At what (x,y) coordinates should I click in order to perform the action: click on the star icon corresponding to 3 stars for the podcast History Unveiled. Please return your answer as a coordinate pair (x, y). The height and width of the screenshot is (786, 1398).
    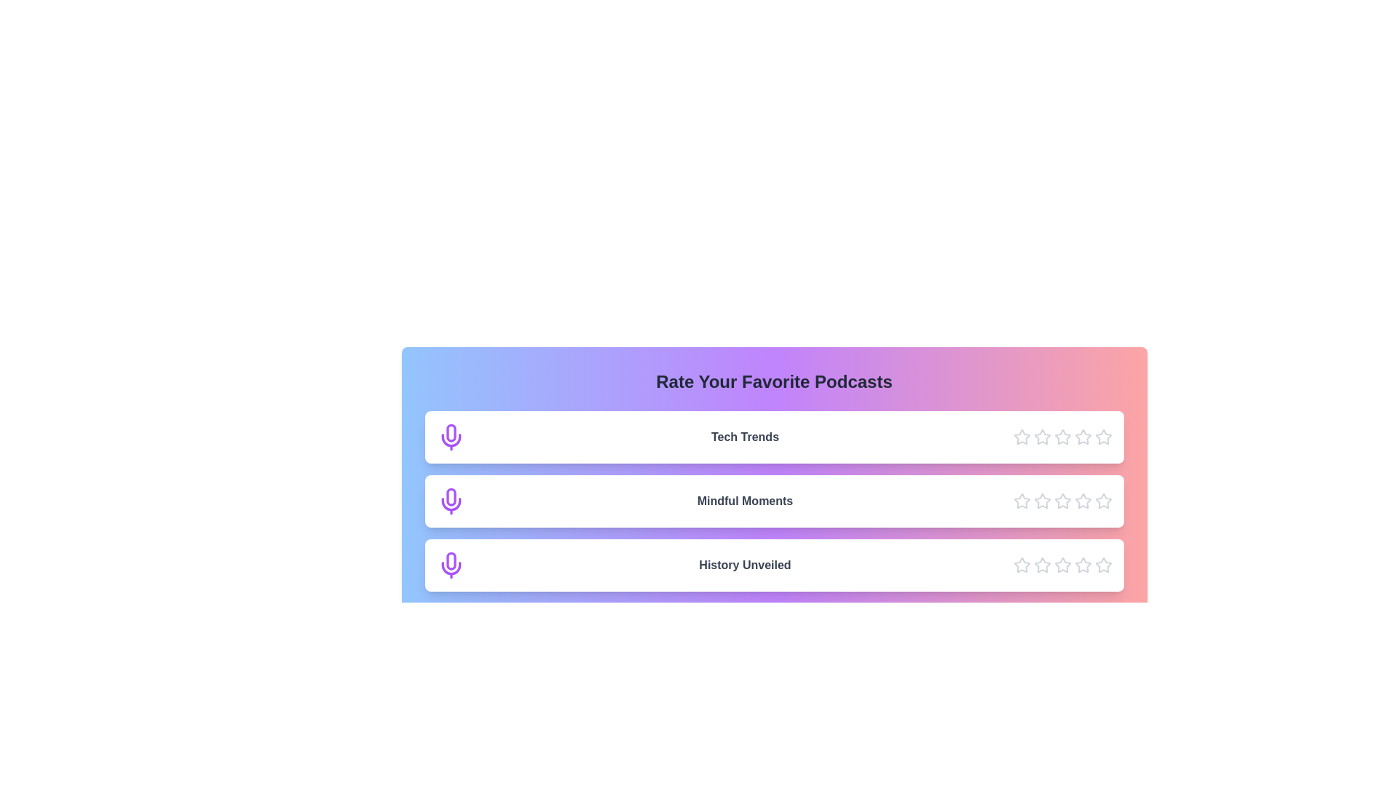
    Looking at the image, I should click on (1062, 564).